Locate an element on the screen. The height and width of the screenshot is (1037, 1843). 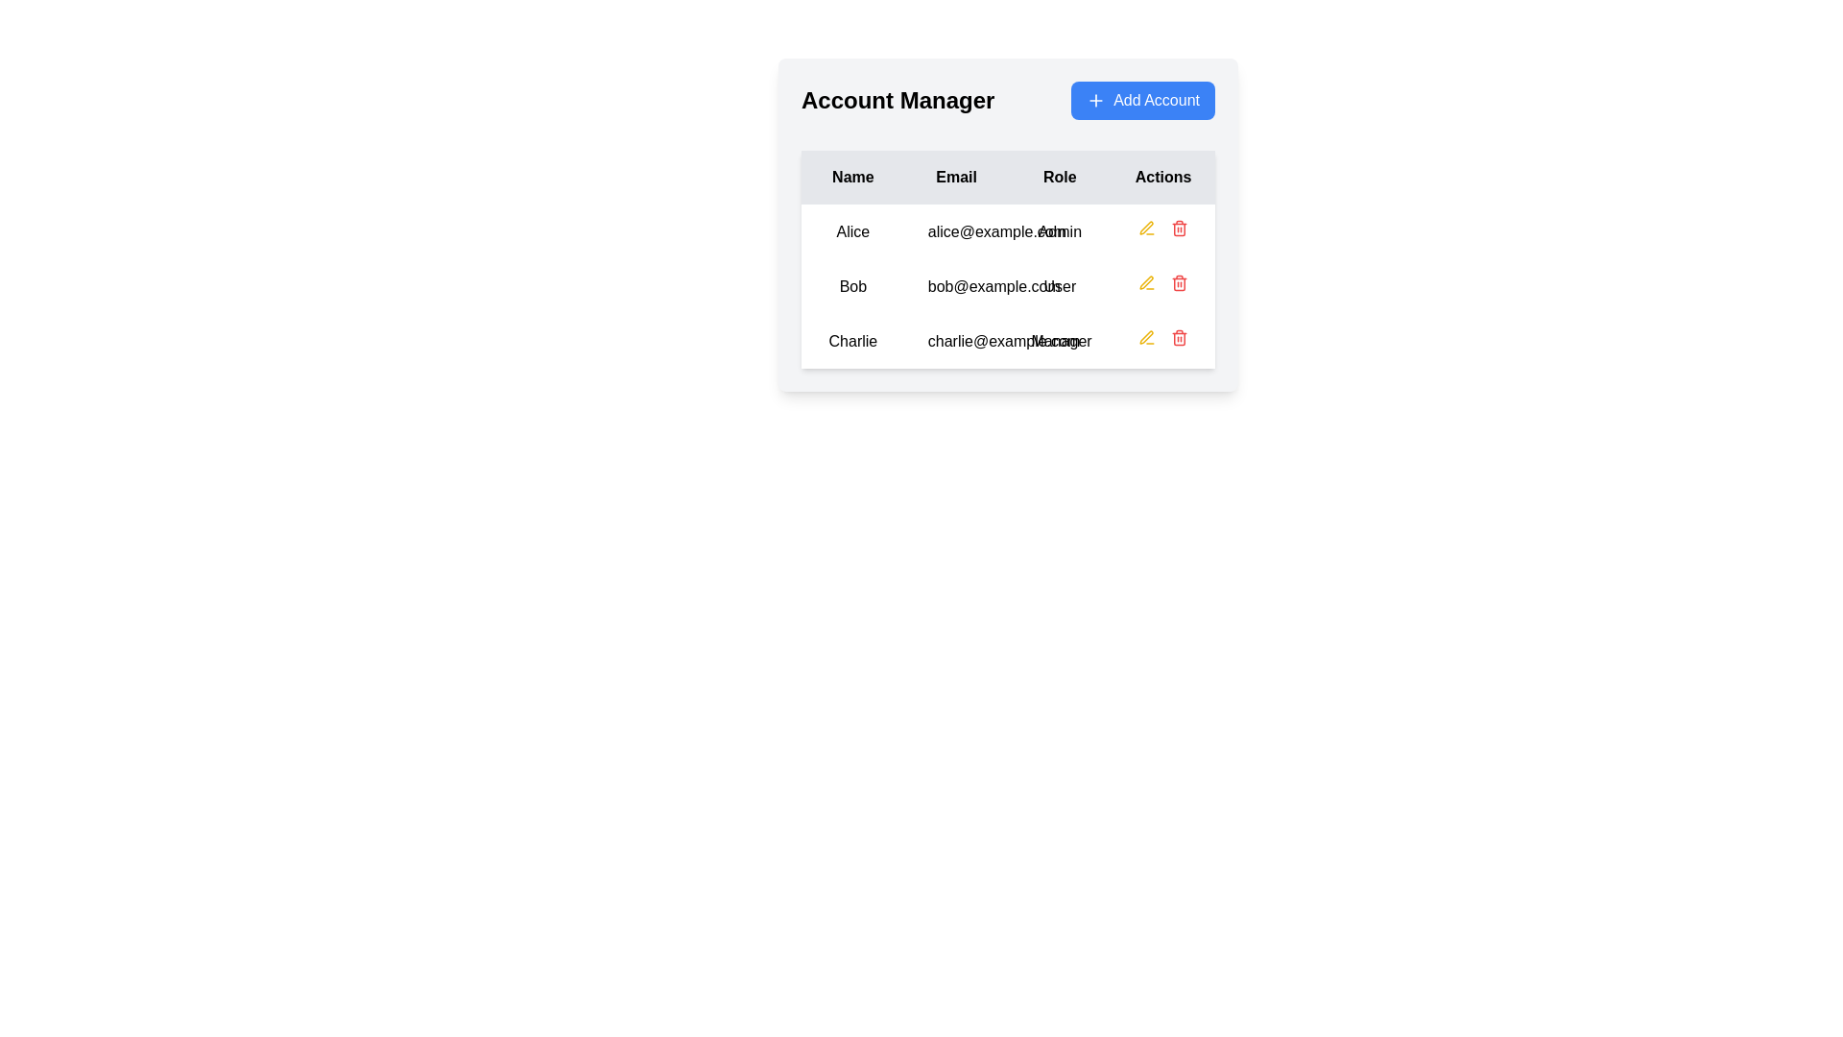
the rounded rectangle shape representing the trash icon in the 'Actions' column, located near the top right corner of the row aligned with 'Charlie' is located at coordinates (1179, 338).